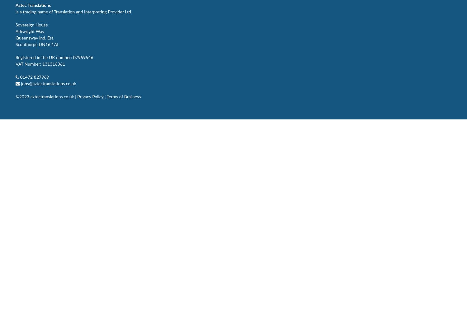 This screenshot has width=467, height=311. Describe the element at coordinates (15, 38) in the screenshot. I see `'Queensway Ind. Est.'` at that location.